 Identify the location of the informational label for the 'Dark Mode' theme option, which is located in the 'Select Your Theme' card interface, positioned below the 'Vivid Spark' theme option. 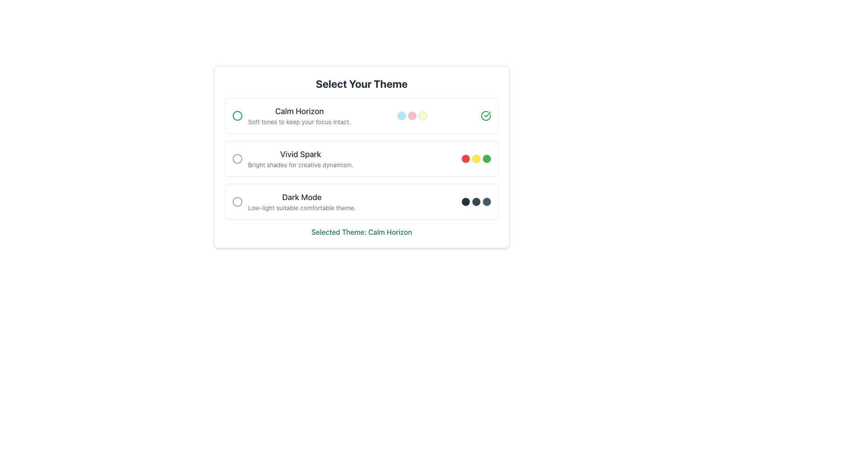
(302, 197).